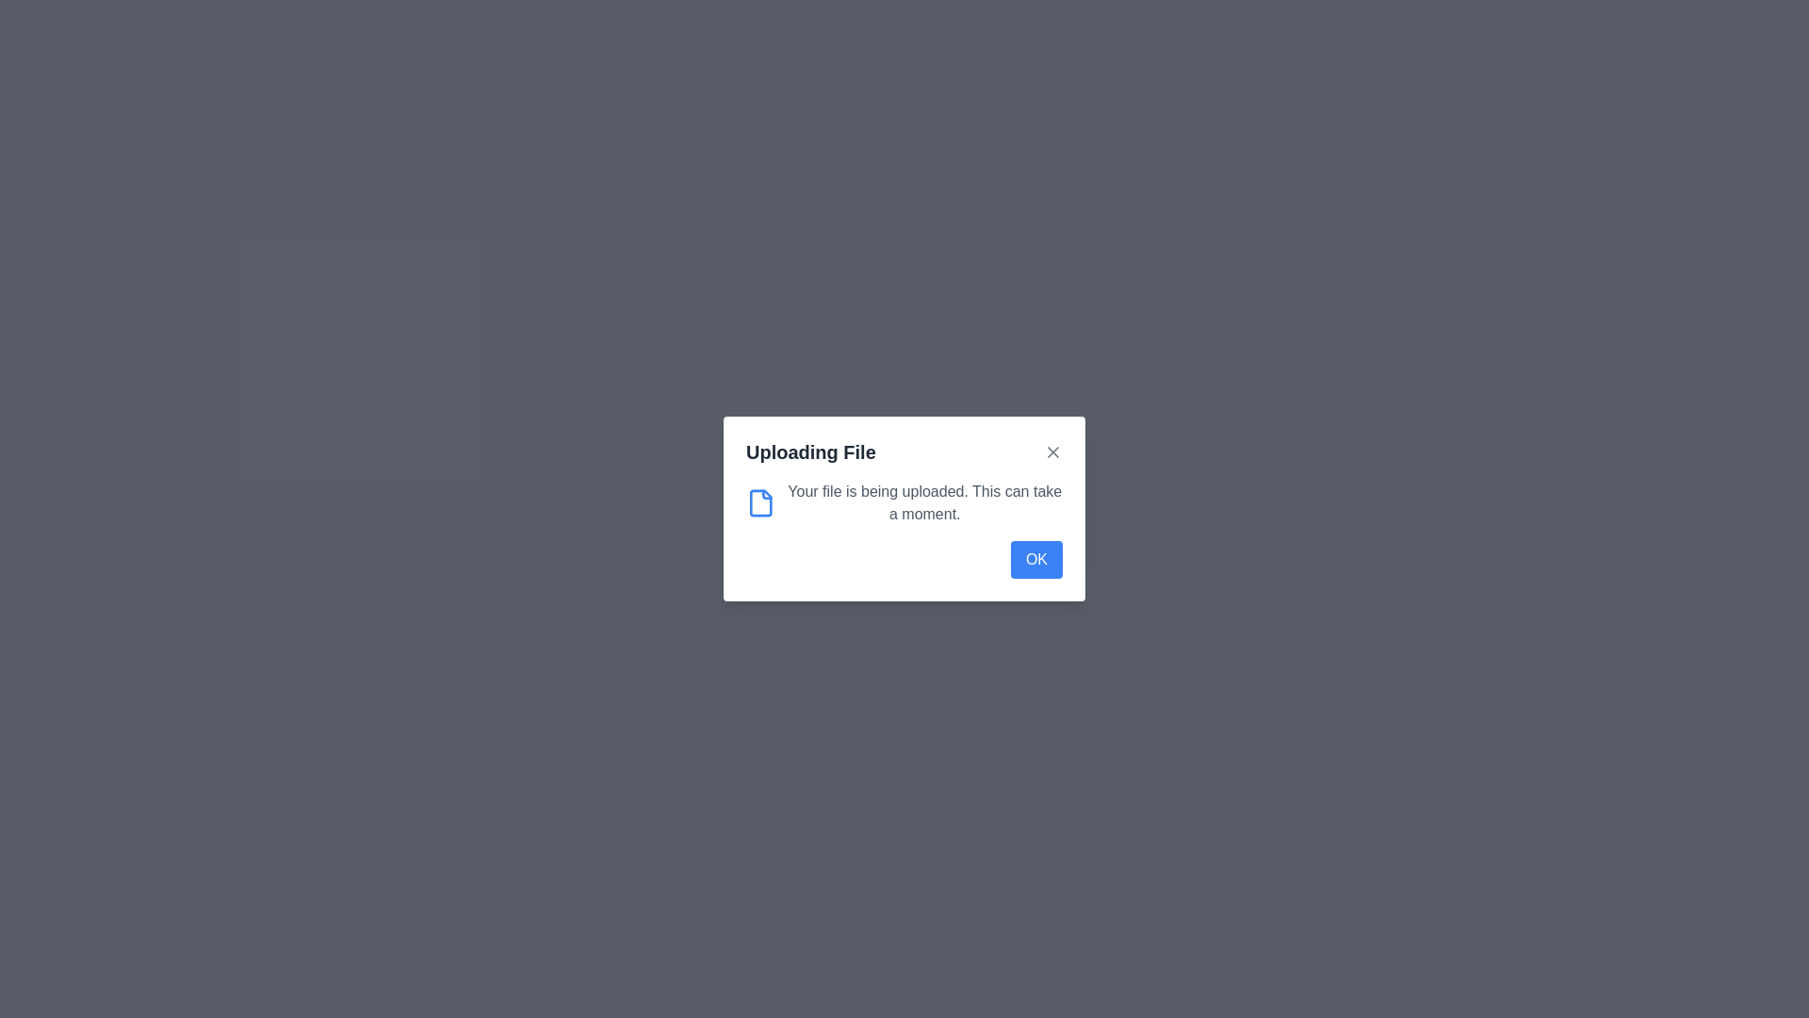 This screenshot has height=1018, width=1809. Describe the element at coordinates (904, 501) in the screenshot. I see `information displayed in the Informational Block that states 'Your file is being uploaded. This can take a moment.' located beneath the title 'Uploading File.'` at that location.